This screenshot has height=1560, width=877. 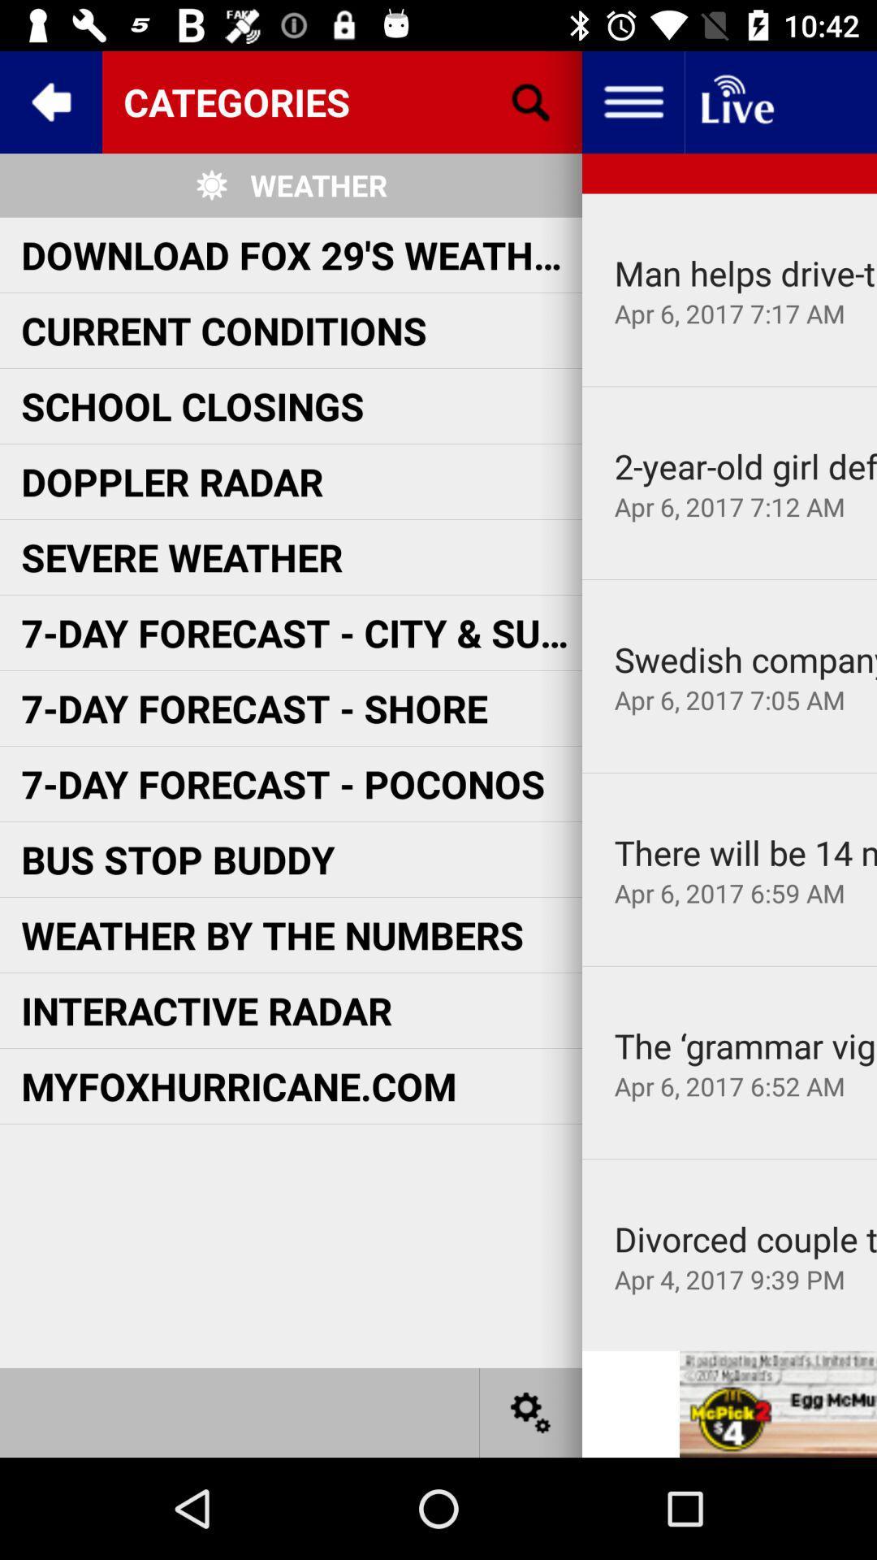 What do you see at coordinates (301, 253) in the screenshot?
I see `icon below weather icon` at bounding box center [301, 253].